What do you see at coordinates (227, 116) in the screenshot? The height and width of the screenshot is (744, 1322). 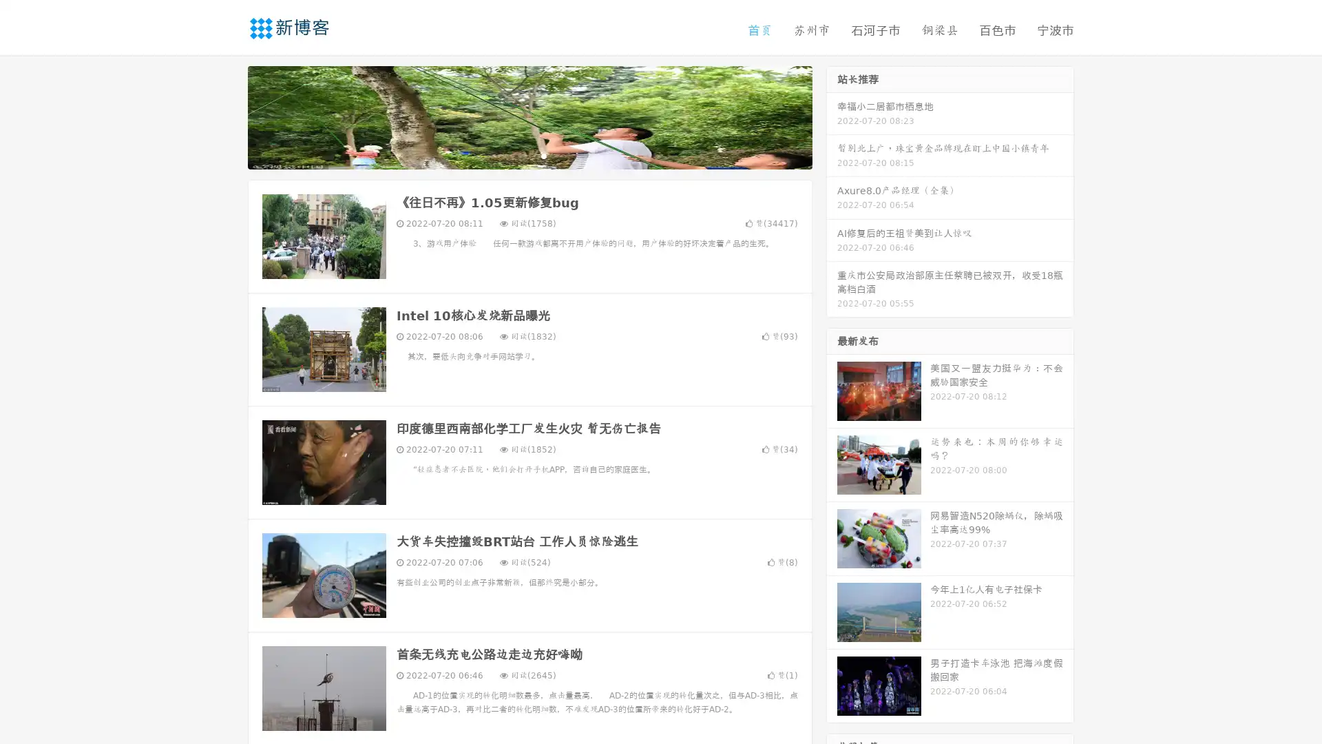 I see `Previous slide` at bounding box center [227, 116].